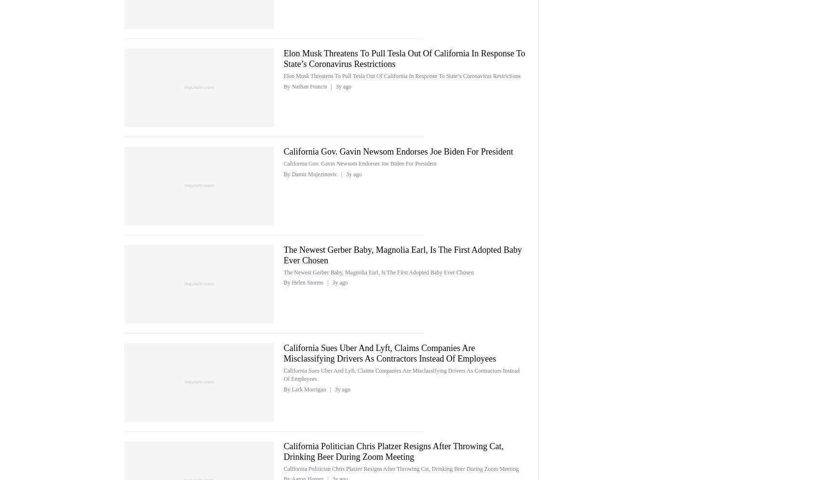 This screenshot has height=480, width=817. What do you see at coordinates (305, 389) in the screenshot?
I see `'By Lark Morrigan'` at bounding box center [305, 389].